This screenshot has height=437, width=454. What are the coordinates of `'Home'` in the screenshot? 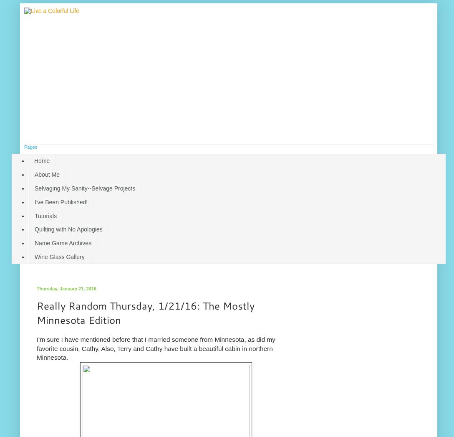 It's located at (42, 161).